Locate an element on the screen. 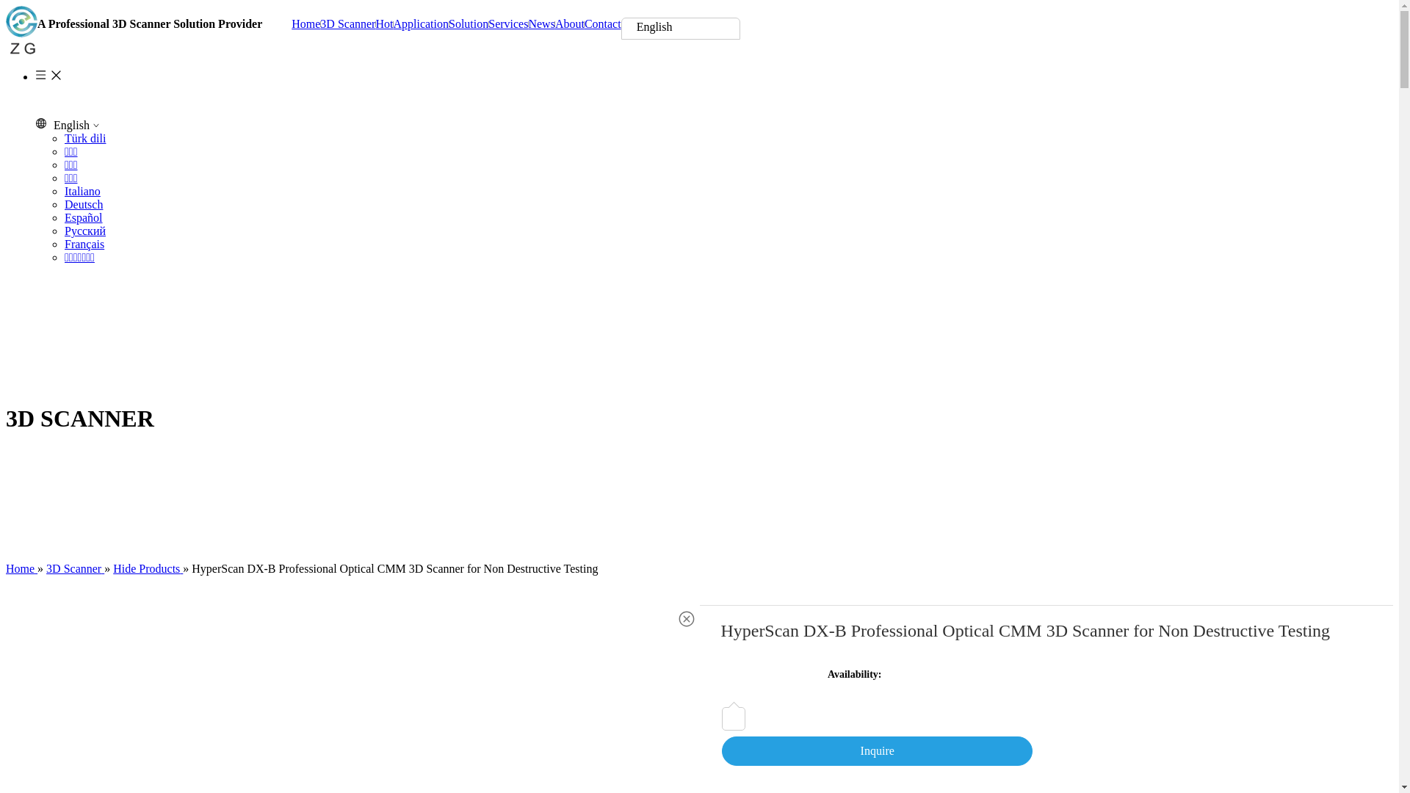 The width and height of the screenshot is (1410, 793). 'Hot' is located at coordinates (384, 24).